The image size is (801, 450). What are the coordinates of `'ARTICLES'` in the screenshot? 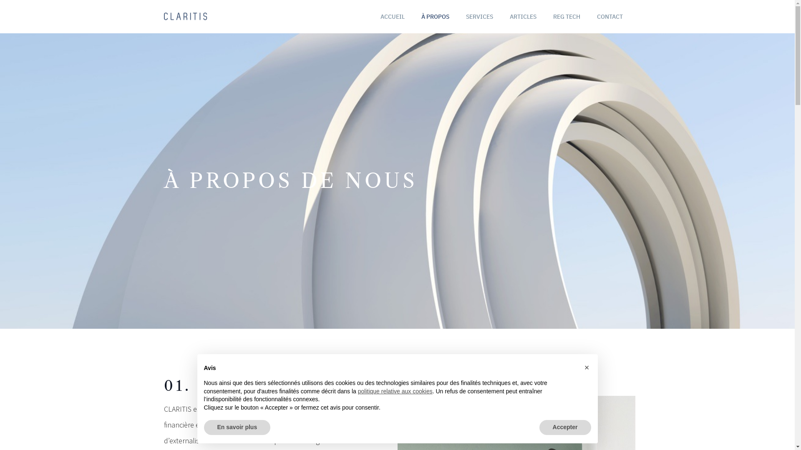 It's located at (522, 16).